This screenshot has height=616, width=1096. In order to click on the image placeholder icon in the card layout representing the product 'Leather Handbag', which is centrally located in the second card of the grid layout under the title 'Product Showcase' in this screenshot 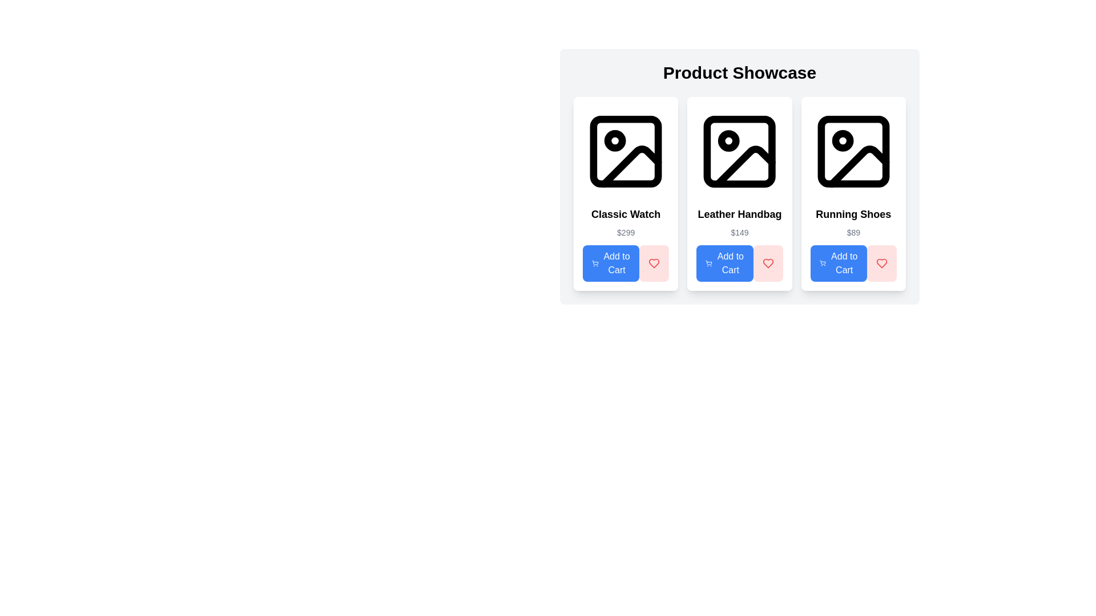, I will do `click(740, 176)`.